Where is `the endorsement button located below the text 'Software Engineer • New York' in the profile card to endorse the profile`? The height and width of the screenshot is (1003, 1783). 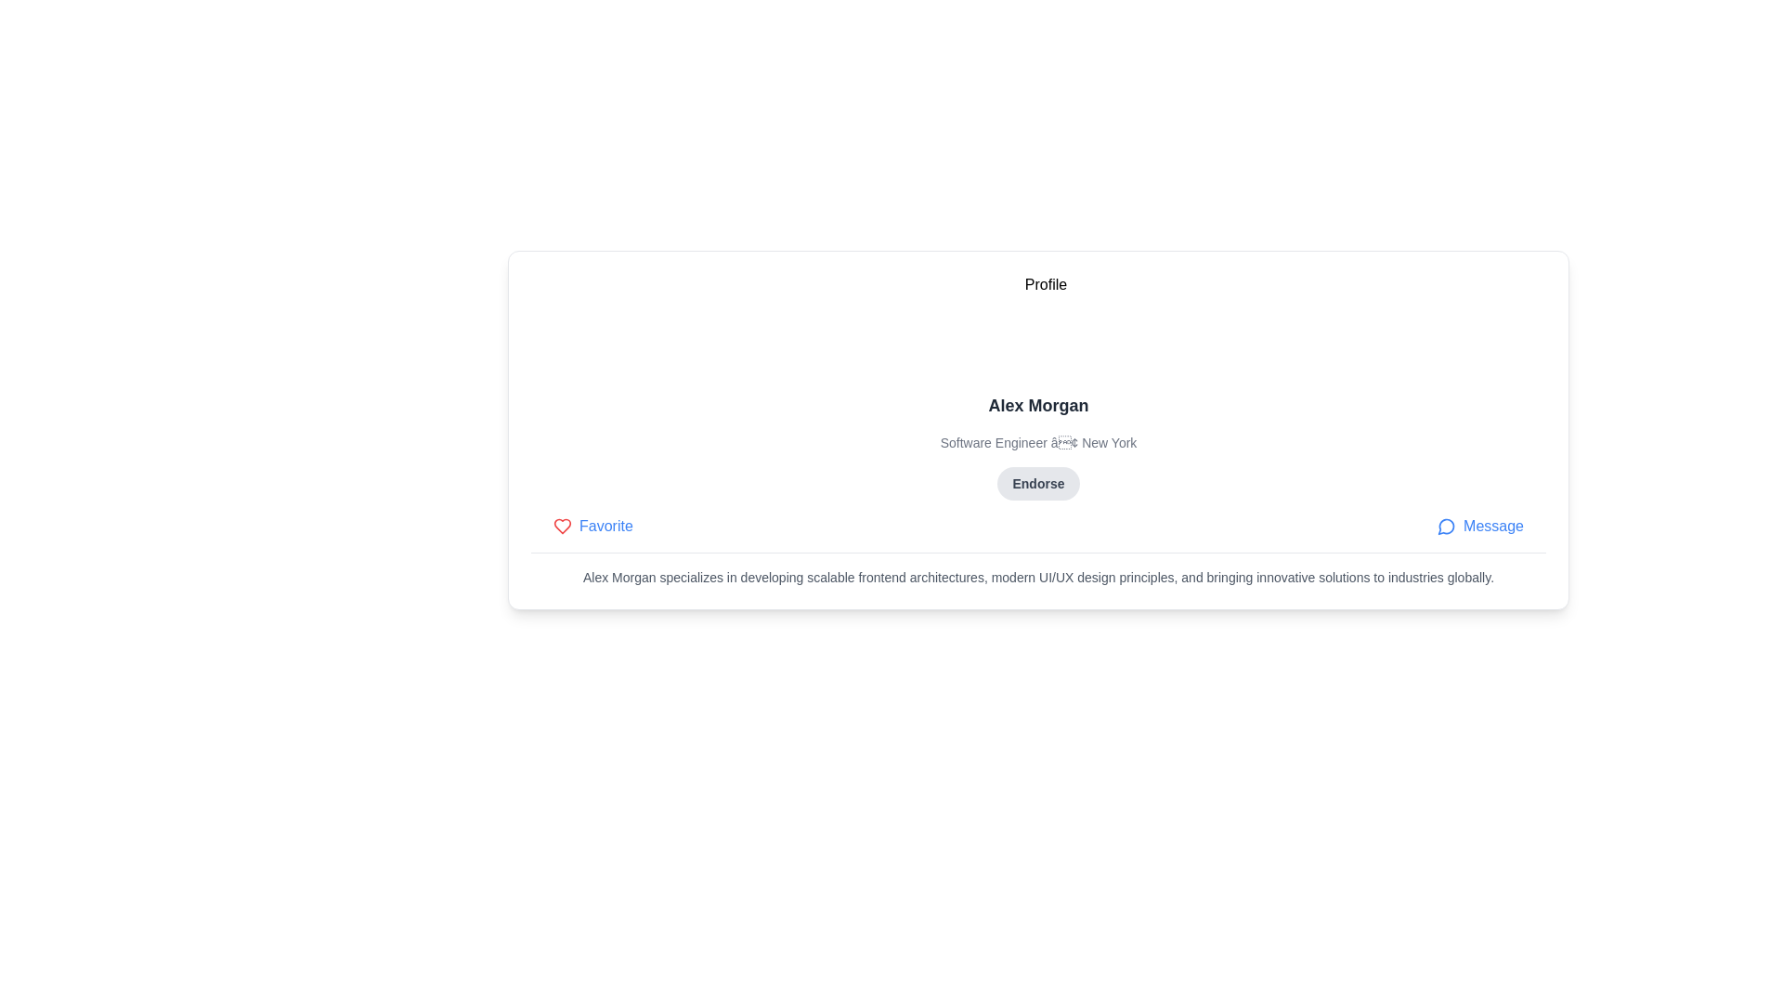
the endorsement button located below the text 'Software Engineer • New York' in the profile card to endorse the profile is located at coordinates (1037, 482).